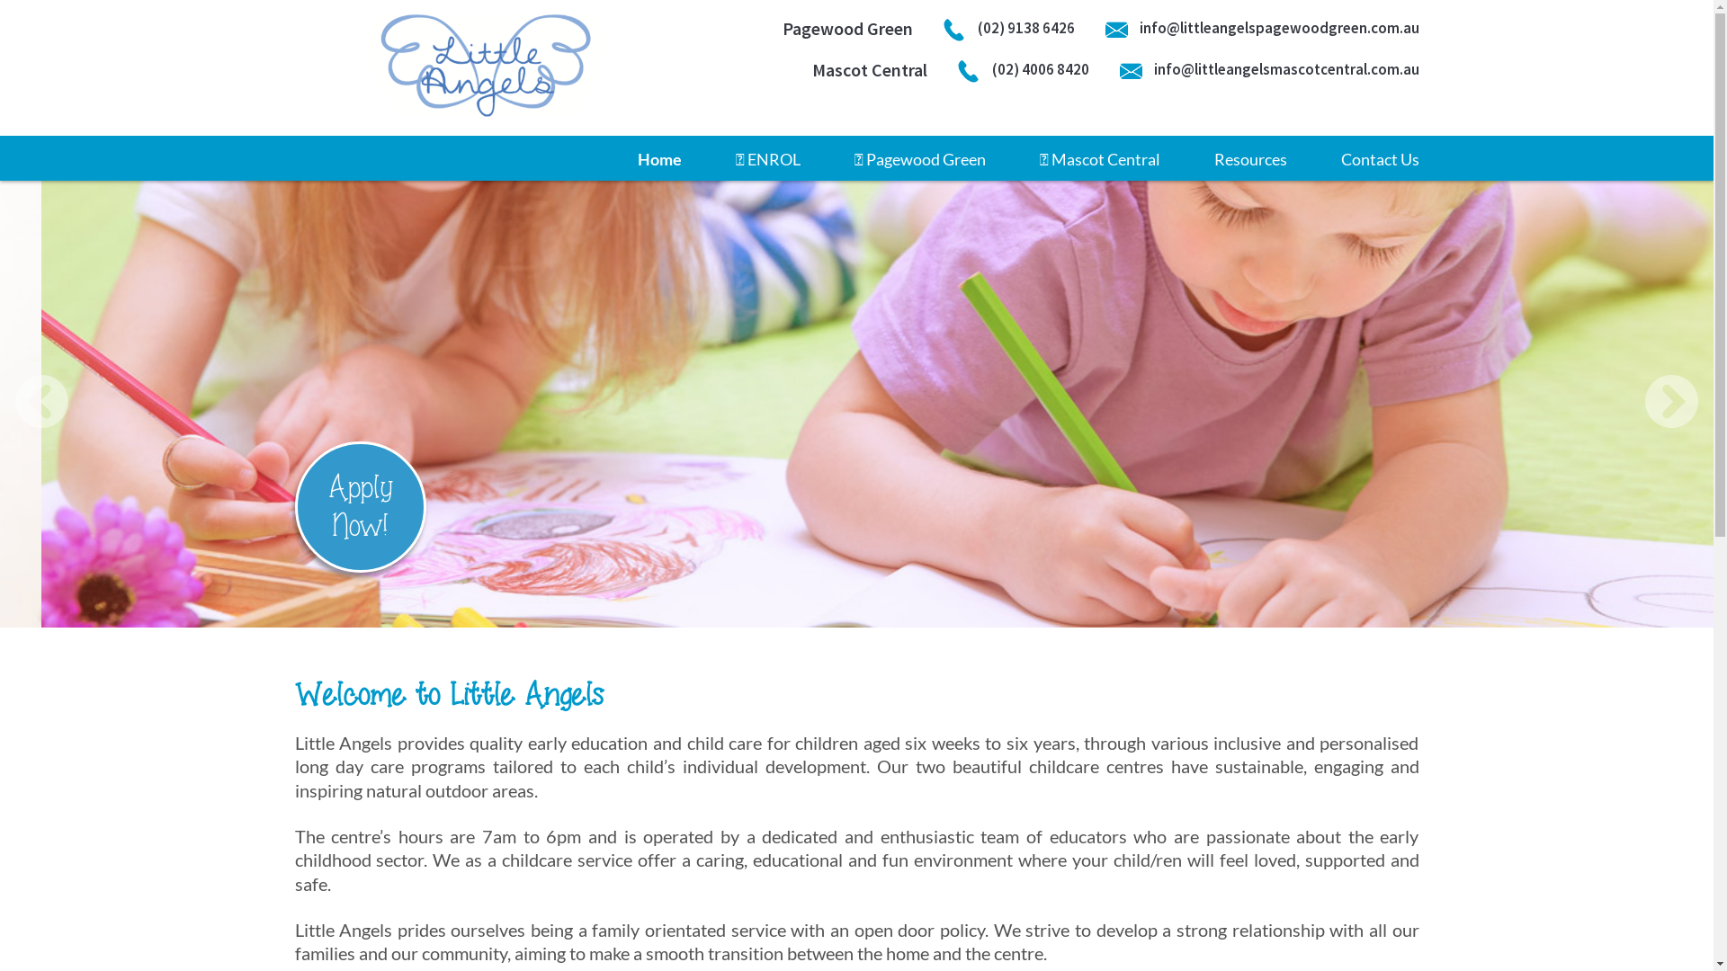 The image size is (1727, 971). I want to click on 'Resources', so click(1213, 158).